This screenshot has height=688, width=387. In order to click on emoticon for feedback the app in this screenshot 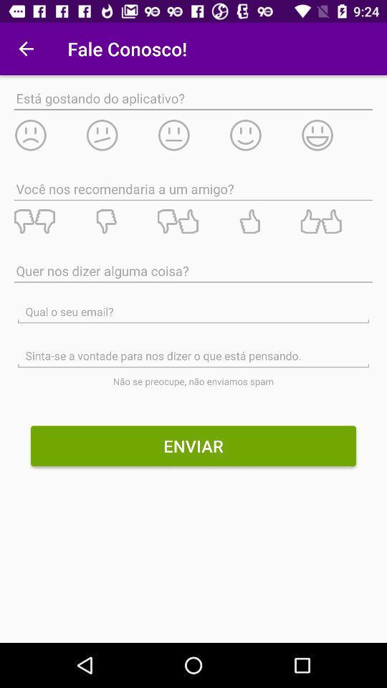, I will do `click(264, 135)`.